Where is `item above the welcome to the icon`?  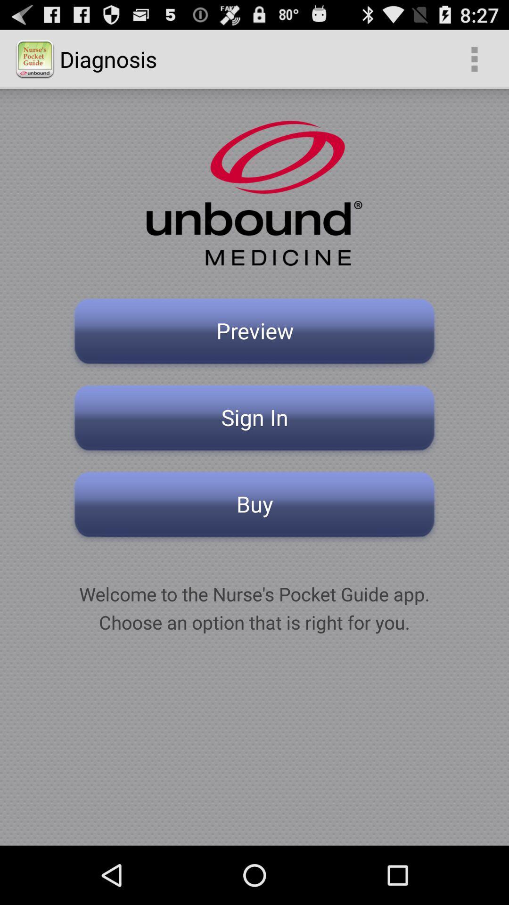 item above the welcome to the icon is located at coordinates (254, 507).